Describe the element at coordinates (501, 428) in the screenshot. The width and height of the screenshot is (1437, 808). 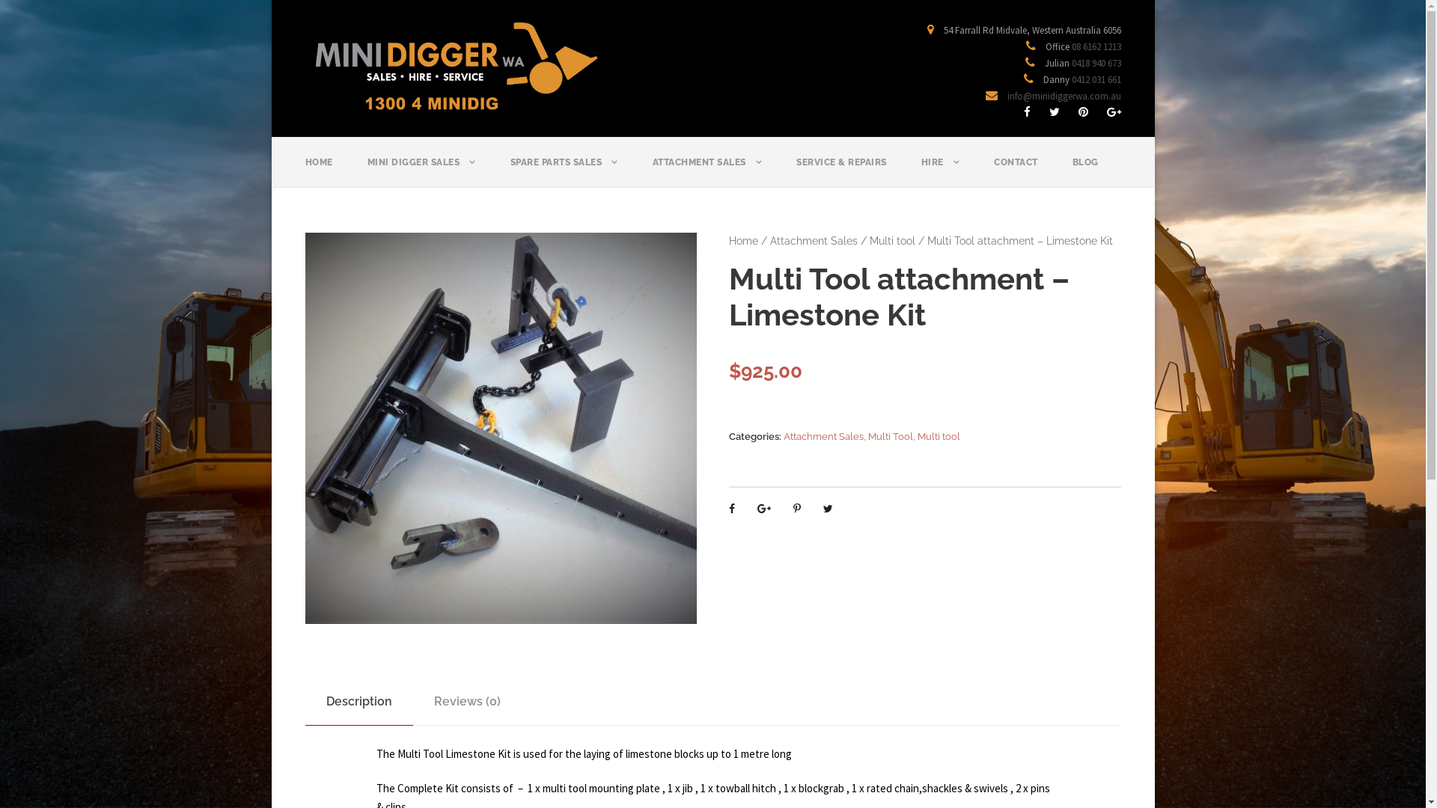
I see `'004'` at that location.